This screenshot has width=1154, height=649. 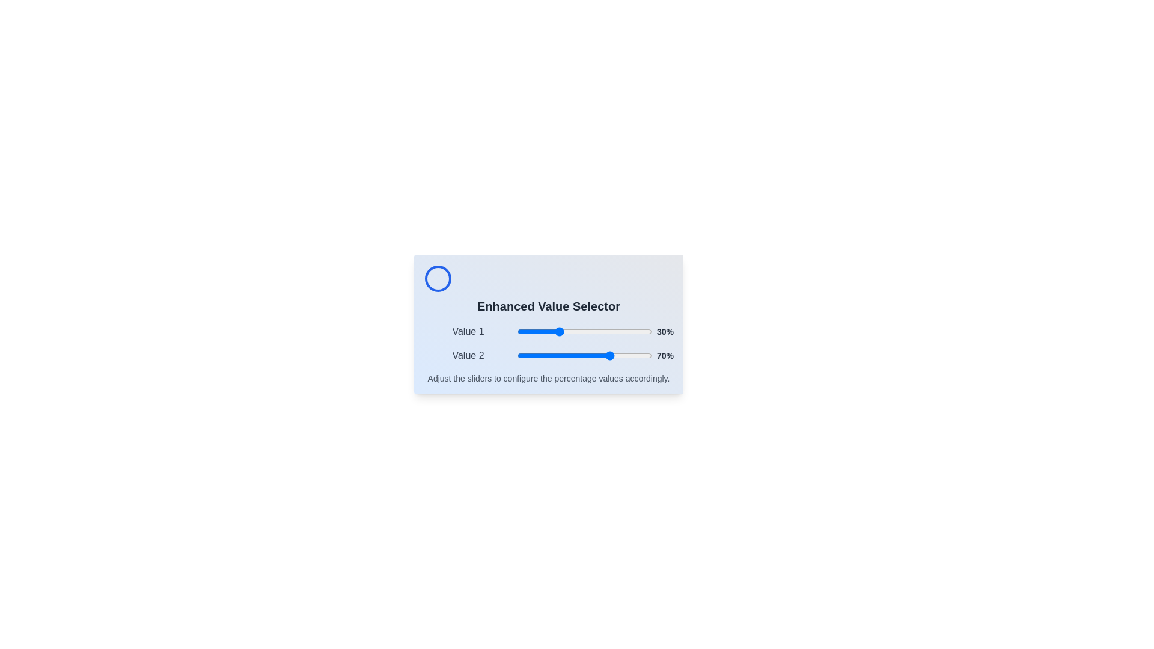 I want to click on the slider for Value 1 to 9%, so click(x=529, y=331).